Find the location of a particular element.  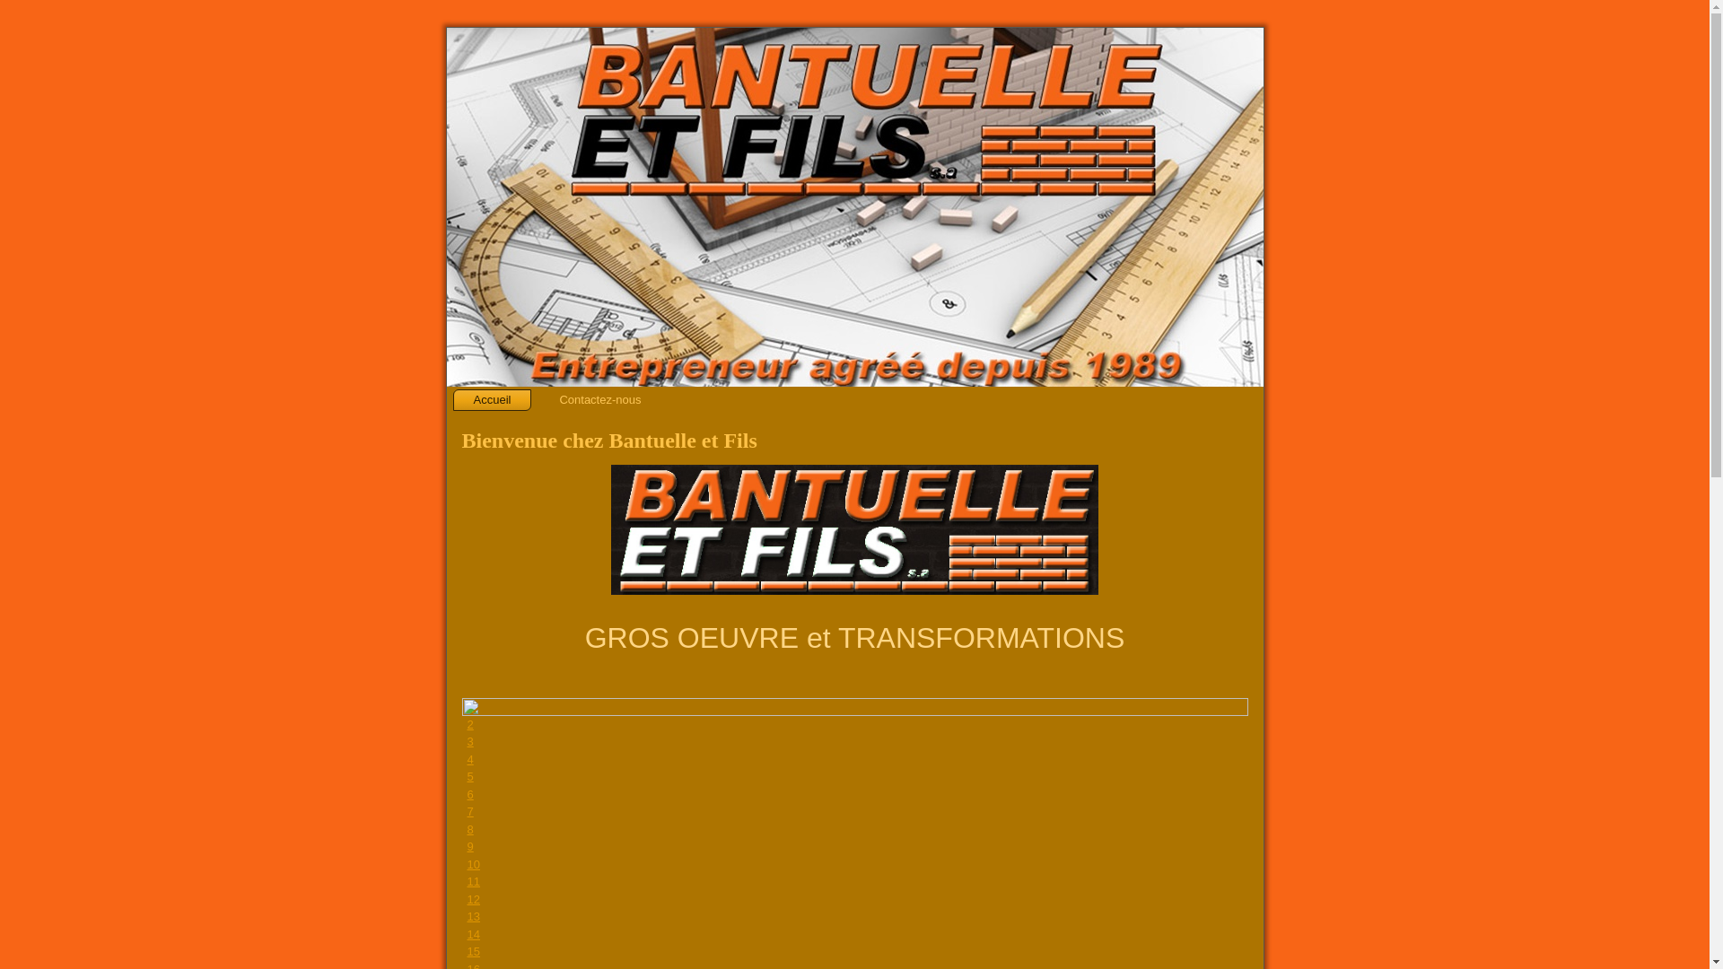

'7' is located at coordinates (469, 811).